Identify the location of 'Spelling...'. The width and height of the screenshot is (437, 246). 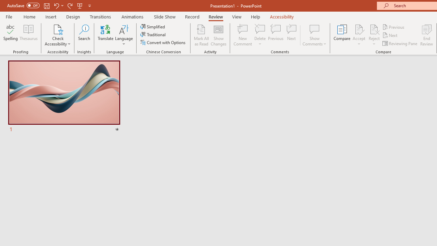
(11, 35).